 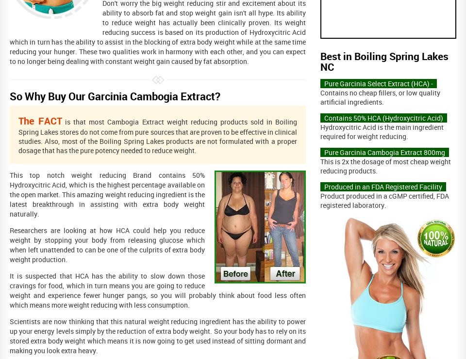 I want to click on 'Best in Boiling Spring Lakes NC', so click(x=320, y=61).